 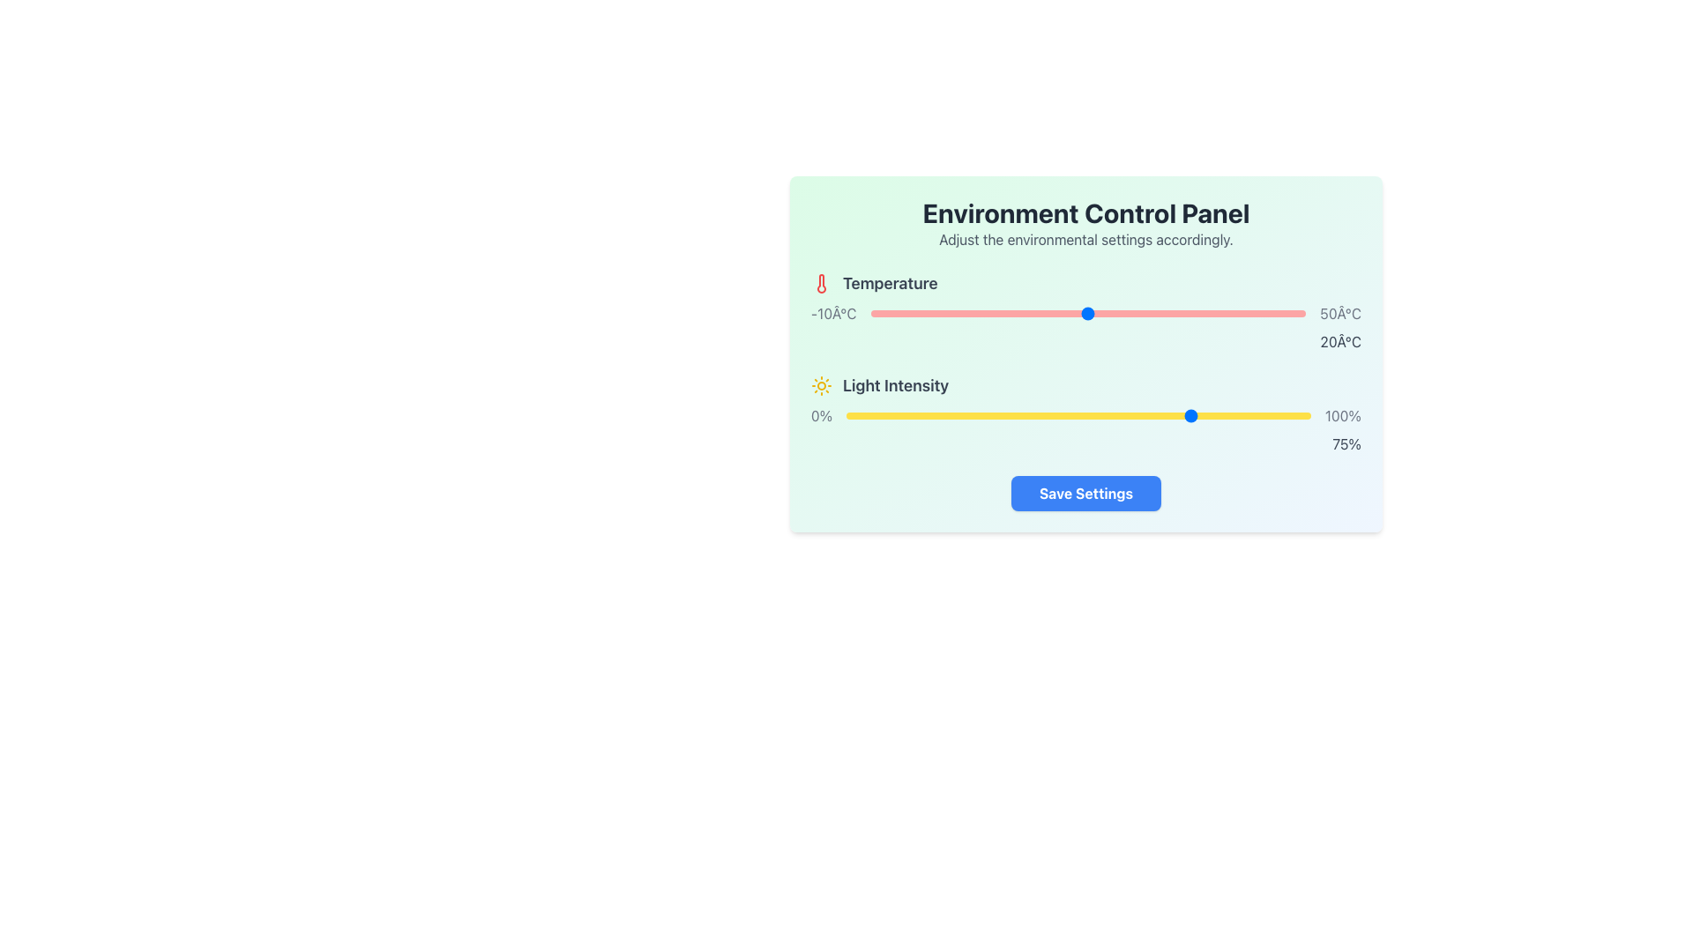 What do you see at coordinates (957, 415) in the screenshot?
I see `the light intensity` at bounding box center [957, 415].